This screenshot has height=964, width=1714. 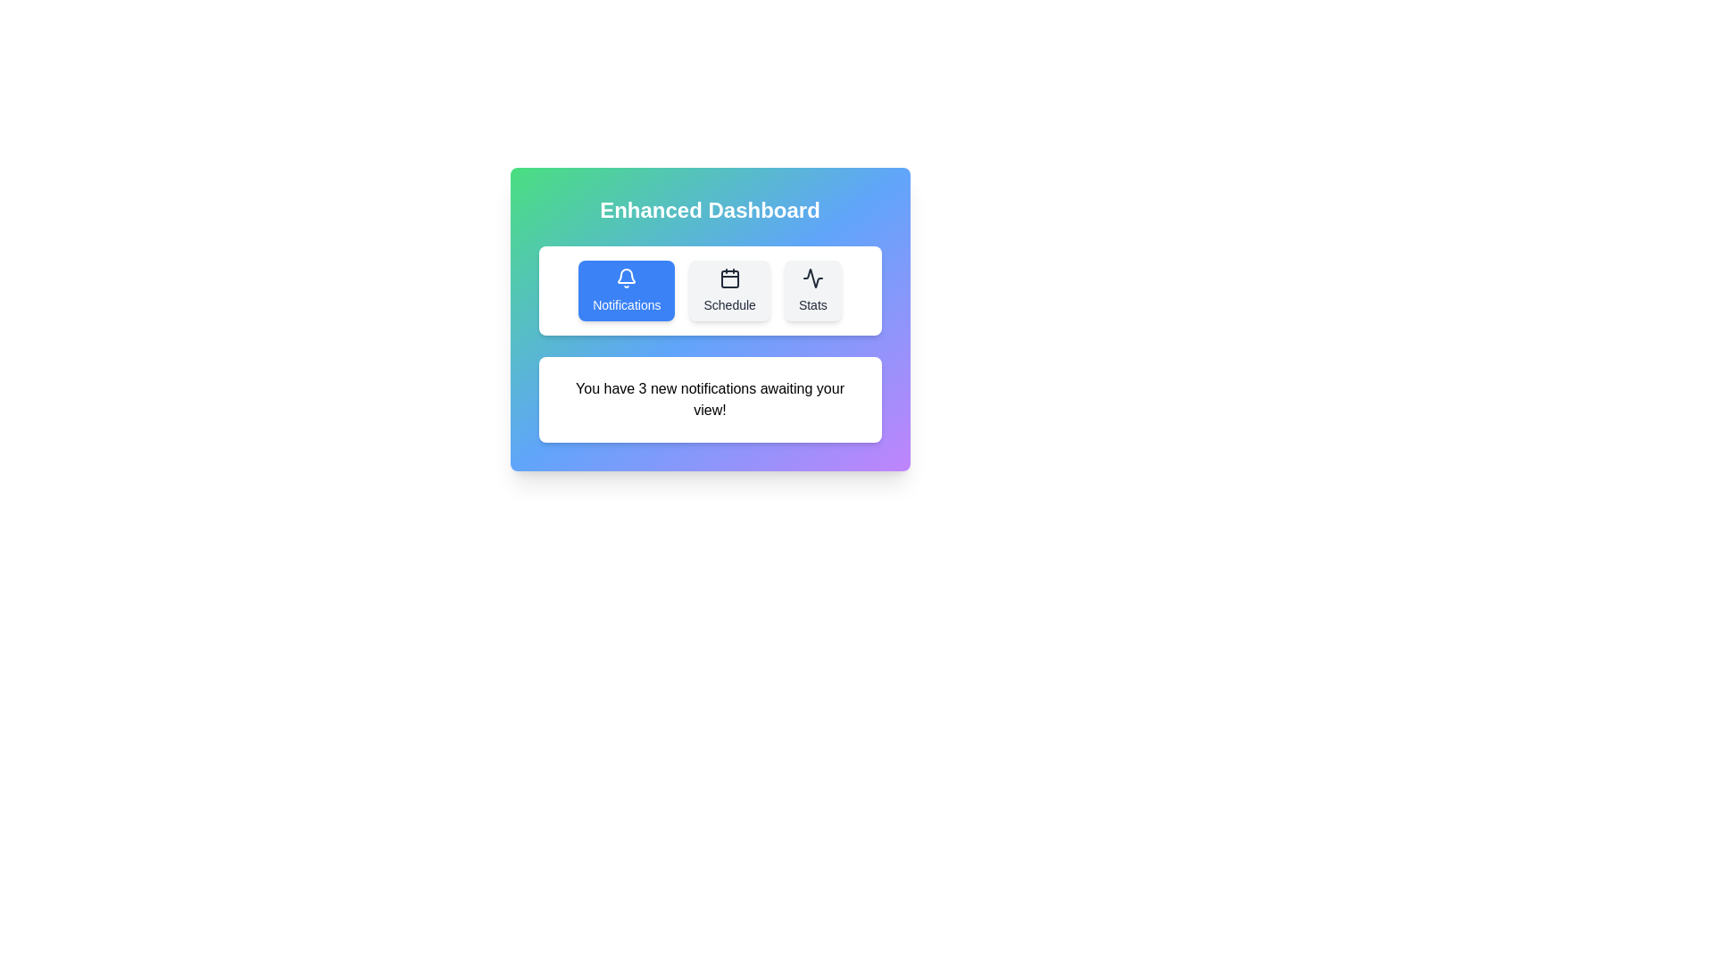 What do you see at coordinates (729, 278) in the screenshot?
I see `the 'Schedule' button, which is represented by an icon for managing or viewing schedules and is located in the middle of three horizontal buttons below the 'Enhanced Dashboard' title` at bounding box center [729, 278].